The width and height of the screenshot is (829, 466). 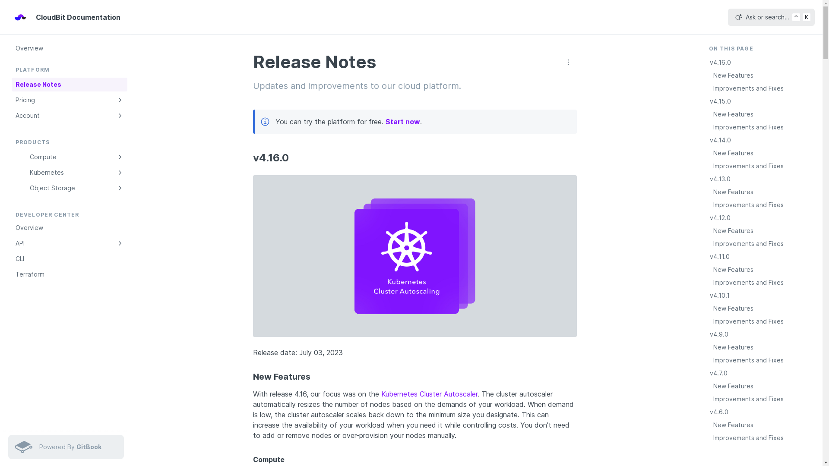 What do you see at coordinates (65, 447) in the screenshot?
I see `'Powered By GitBook'` at bounding box center [65, 447].